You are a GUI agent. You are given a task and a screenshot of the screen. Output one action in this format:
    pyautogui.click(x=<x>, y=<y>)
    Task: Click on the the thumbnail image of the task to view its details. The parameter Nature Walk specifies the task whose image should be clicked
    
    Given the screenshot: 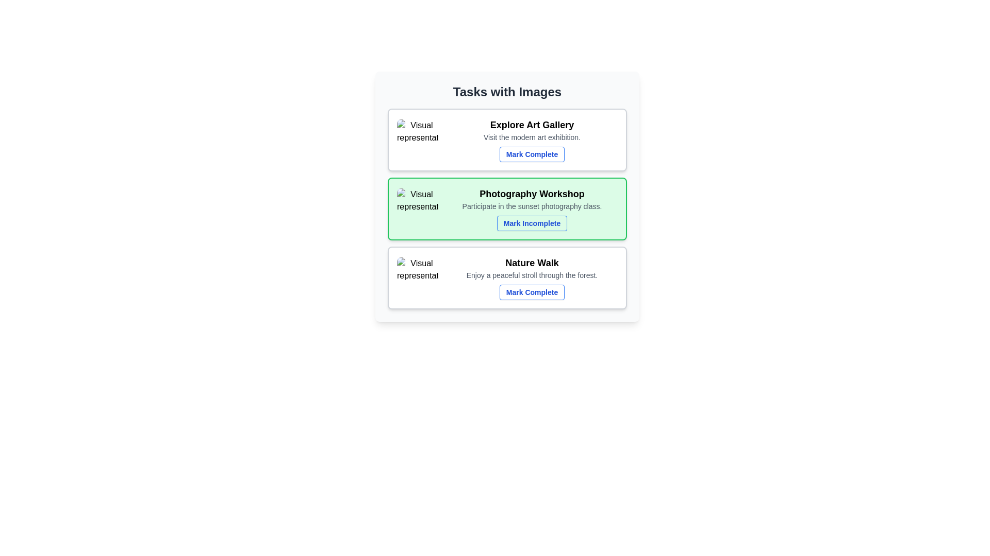 What is the action you would take?
    pyautogui.click(x=418, y=278)
    